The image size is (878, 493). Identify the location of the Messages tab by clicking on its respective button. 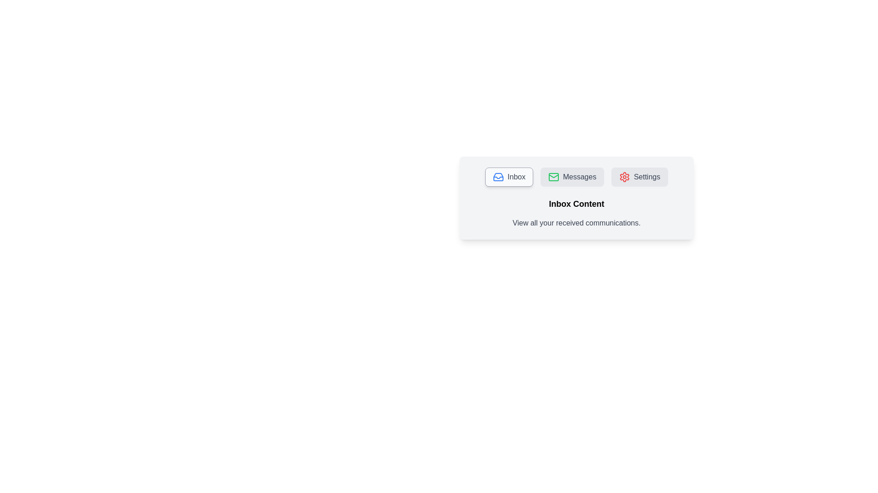
(572, 177).